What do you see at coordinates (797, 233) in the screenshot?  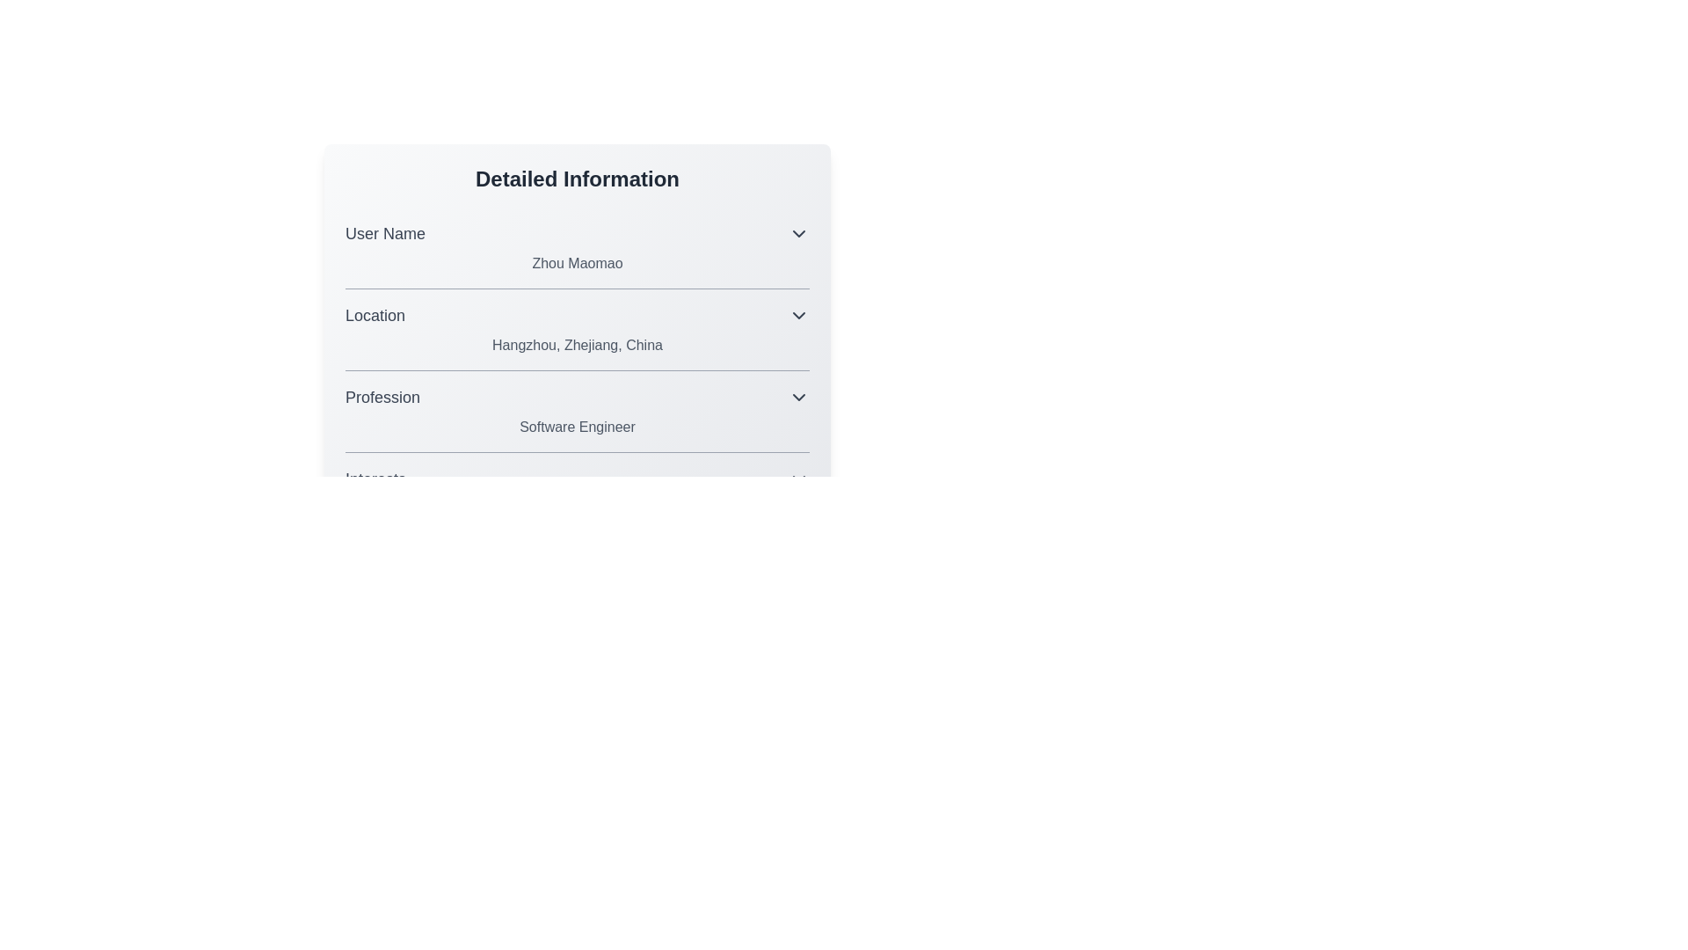 I see `the icon located to the far right of the 'User Name' section` at bounding box center [797, 233].